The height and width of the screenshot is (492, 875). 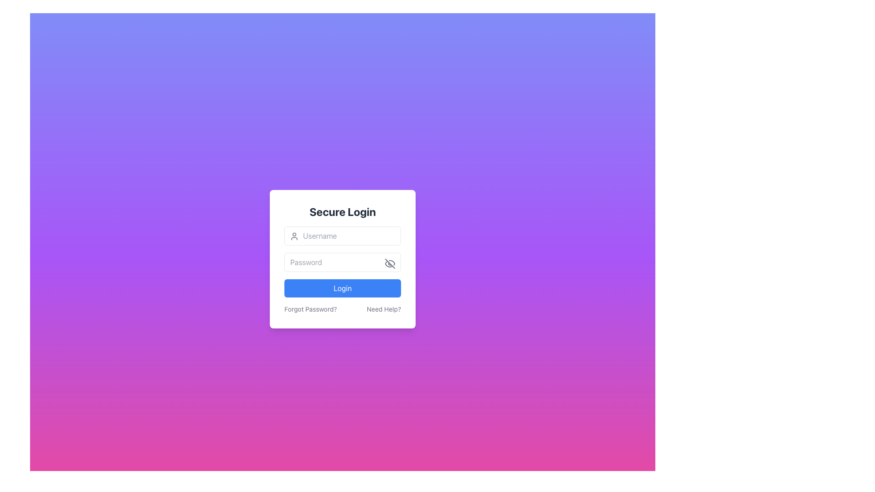 What do you see at coordinates (390, 263) in the screenshot?
I see `the eye off icon located on the password input field to toggle password visibility off` at bounding box center [390, 263].